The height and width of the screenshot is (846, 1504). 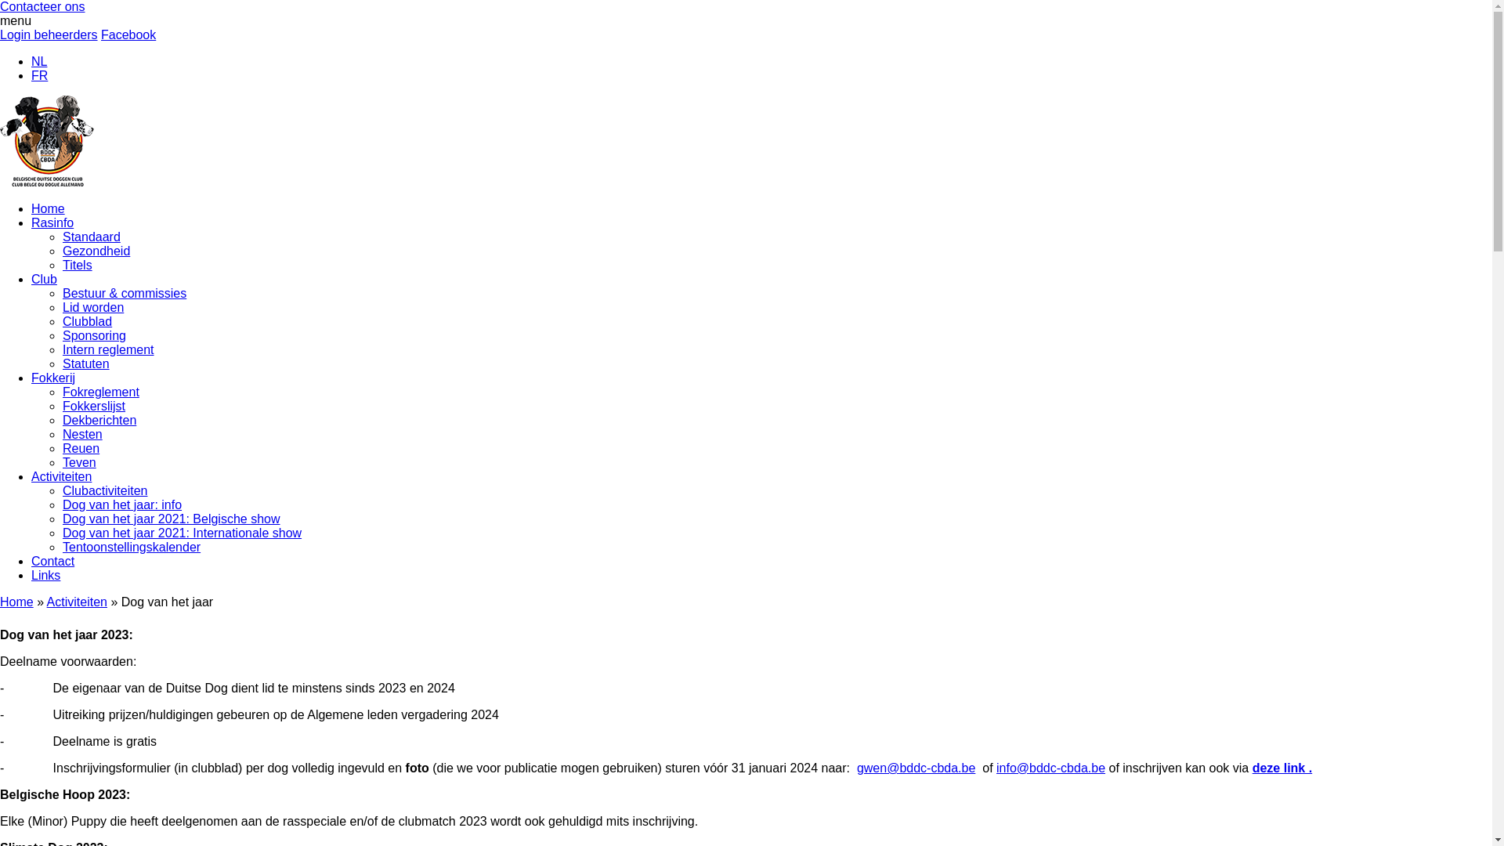 What do you see at coordinates (0, 0) in the screenshot?
I see `'Overslaan en naar de inhoud gaan'` at bounding box center [0, 0].